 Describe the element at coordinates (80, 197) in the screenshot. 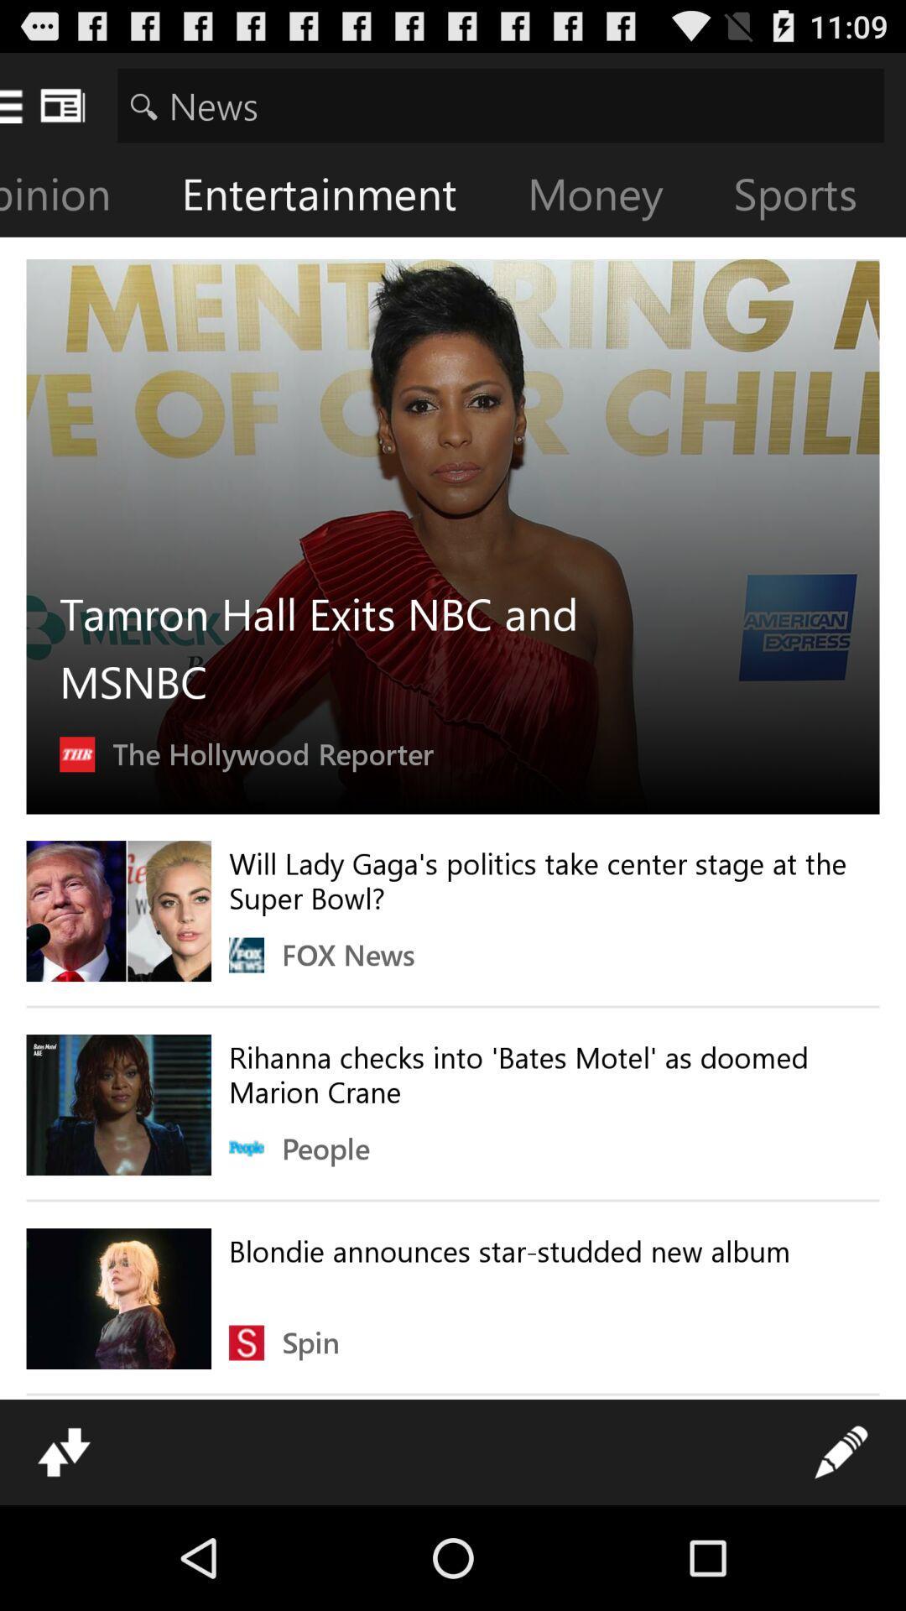

I see `opinion item` at that location.